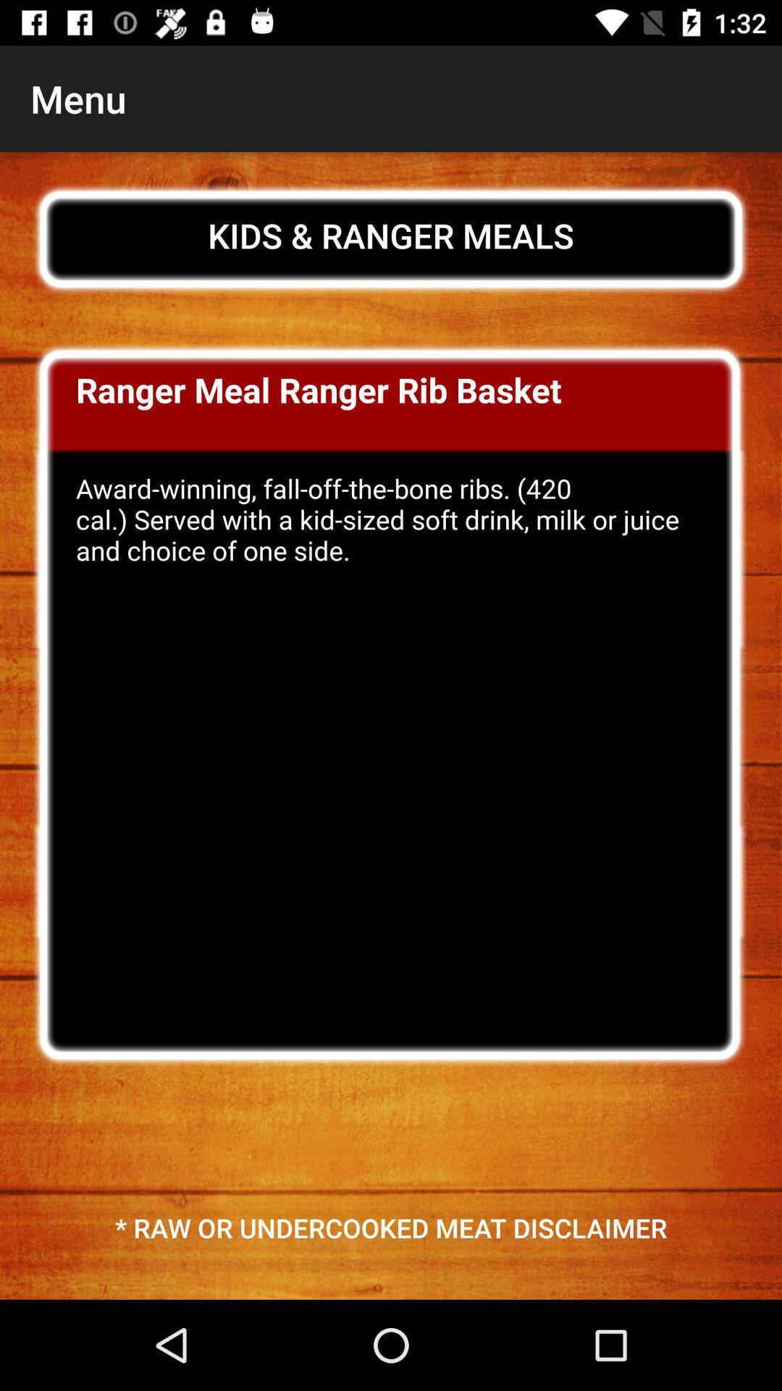 Image resolution: width=782 pixels, height=1391 pixels. What do you see at coordinates (391, 235) in the screenshot?
I see `the icon below the menu app` at bounding box center [391, 235].